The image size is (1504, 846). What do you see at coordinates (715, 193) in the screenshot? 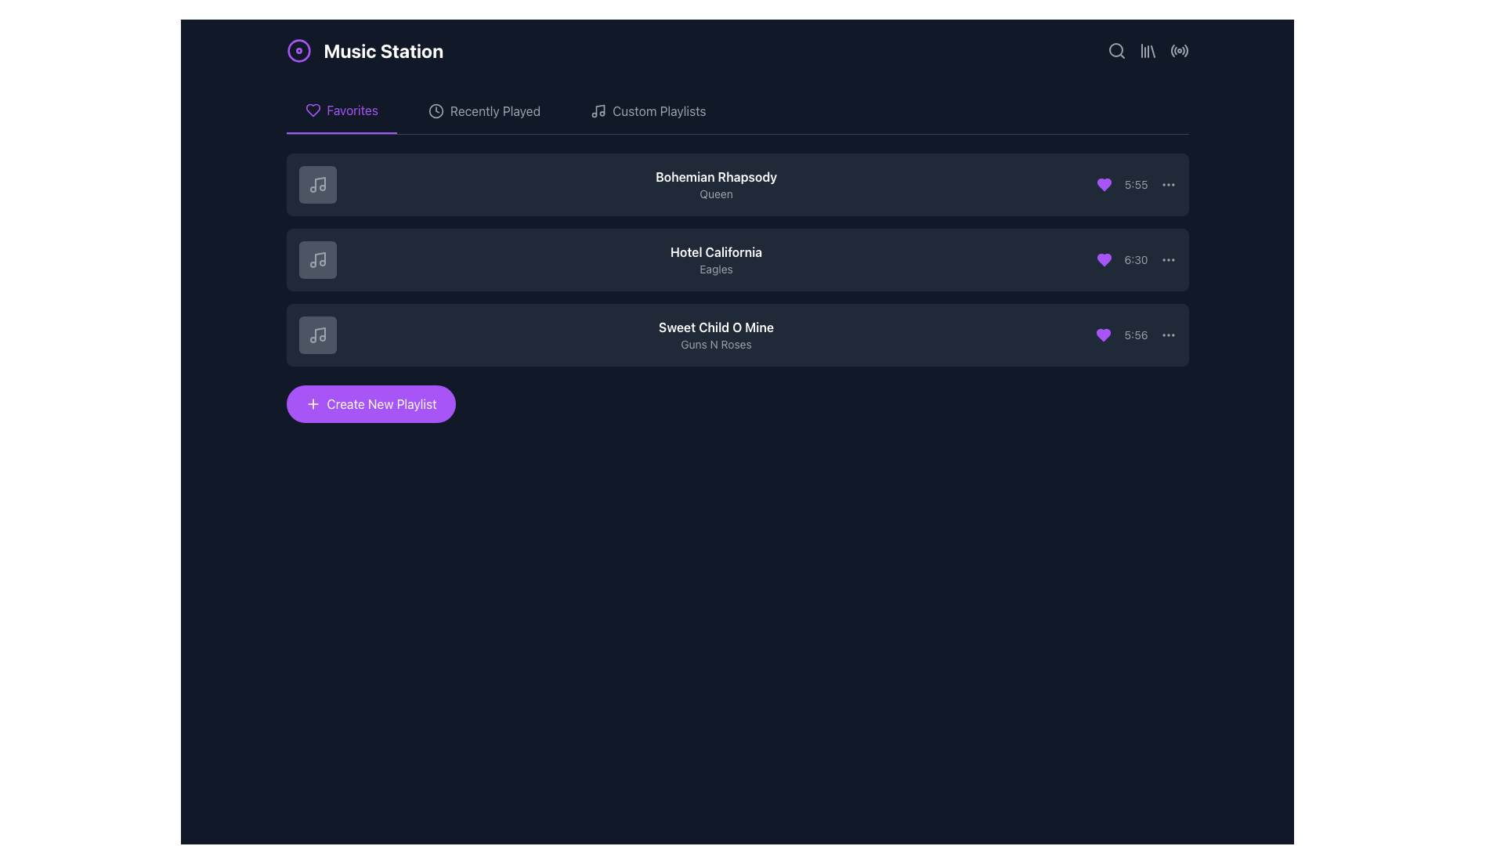
I see `the text label displaying 'Queen', which is styled in gray and located below 'Bohemian Rhapsody' in the playlist interface` at bounding box center [715, 193].